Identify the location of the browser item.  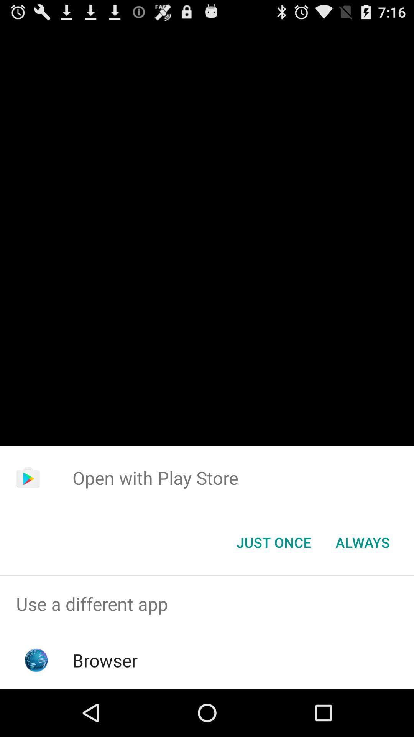
(105, 660).